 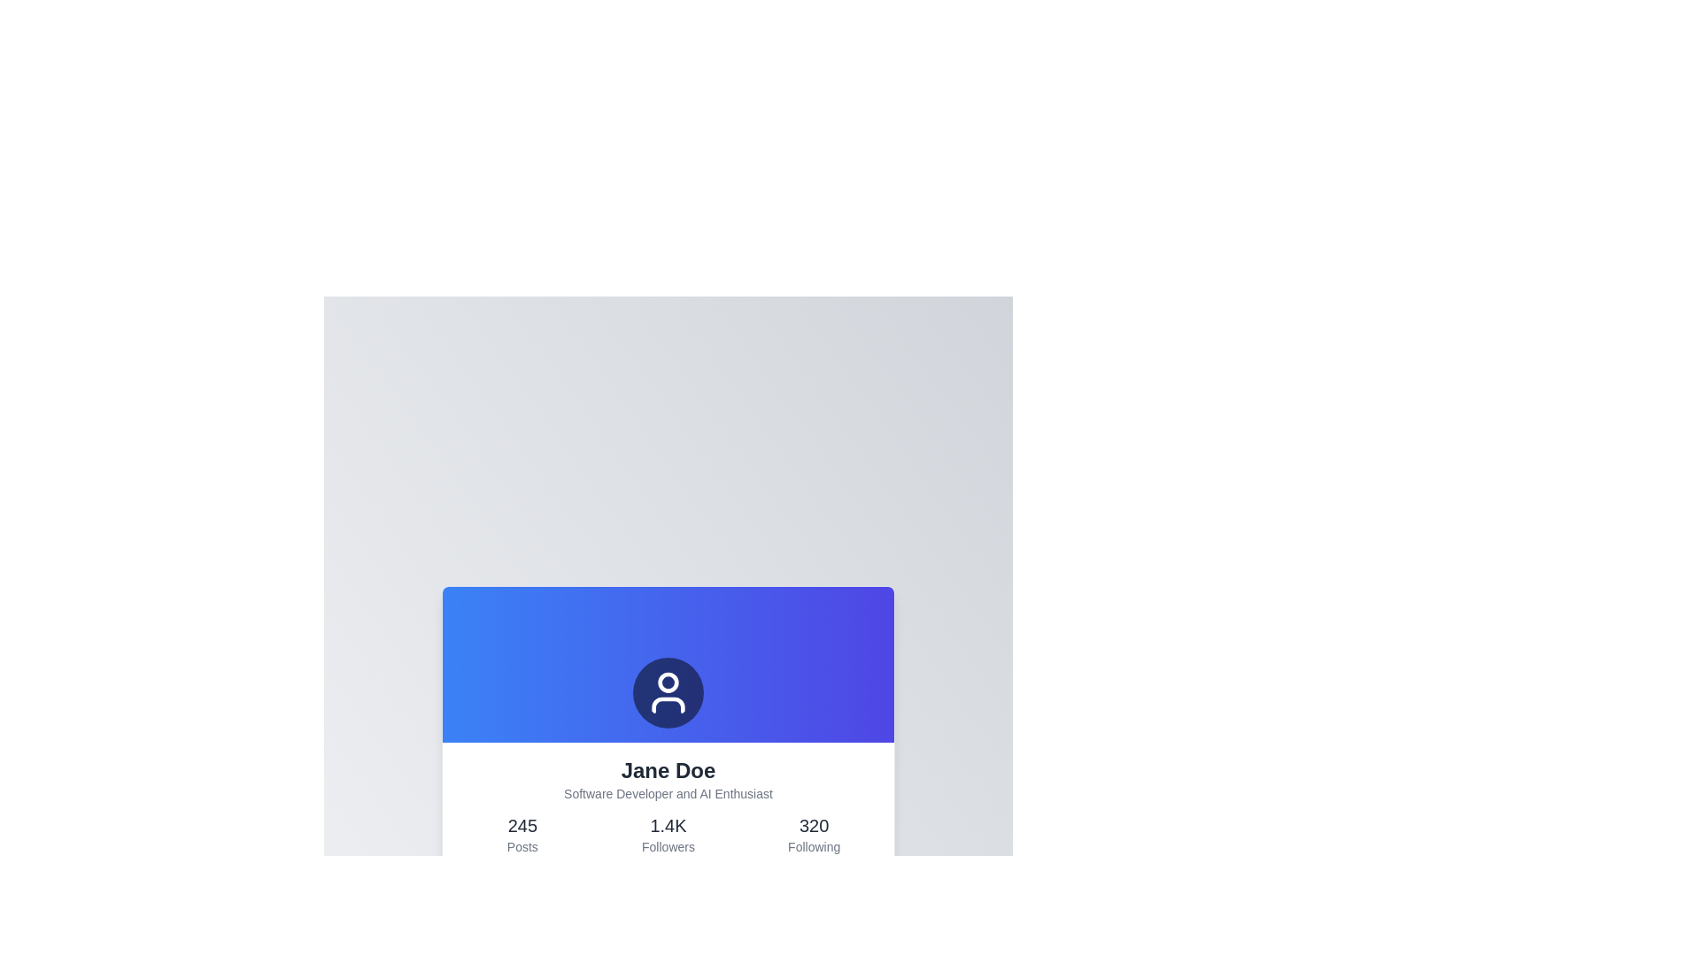 I want to click on the Decorative vector element located near the bottom-center of the layout, which is part of an SVG group and coexists with a rectangle shape, so click(x=818, y=938).